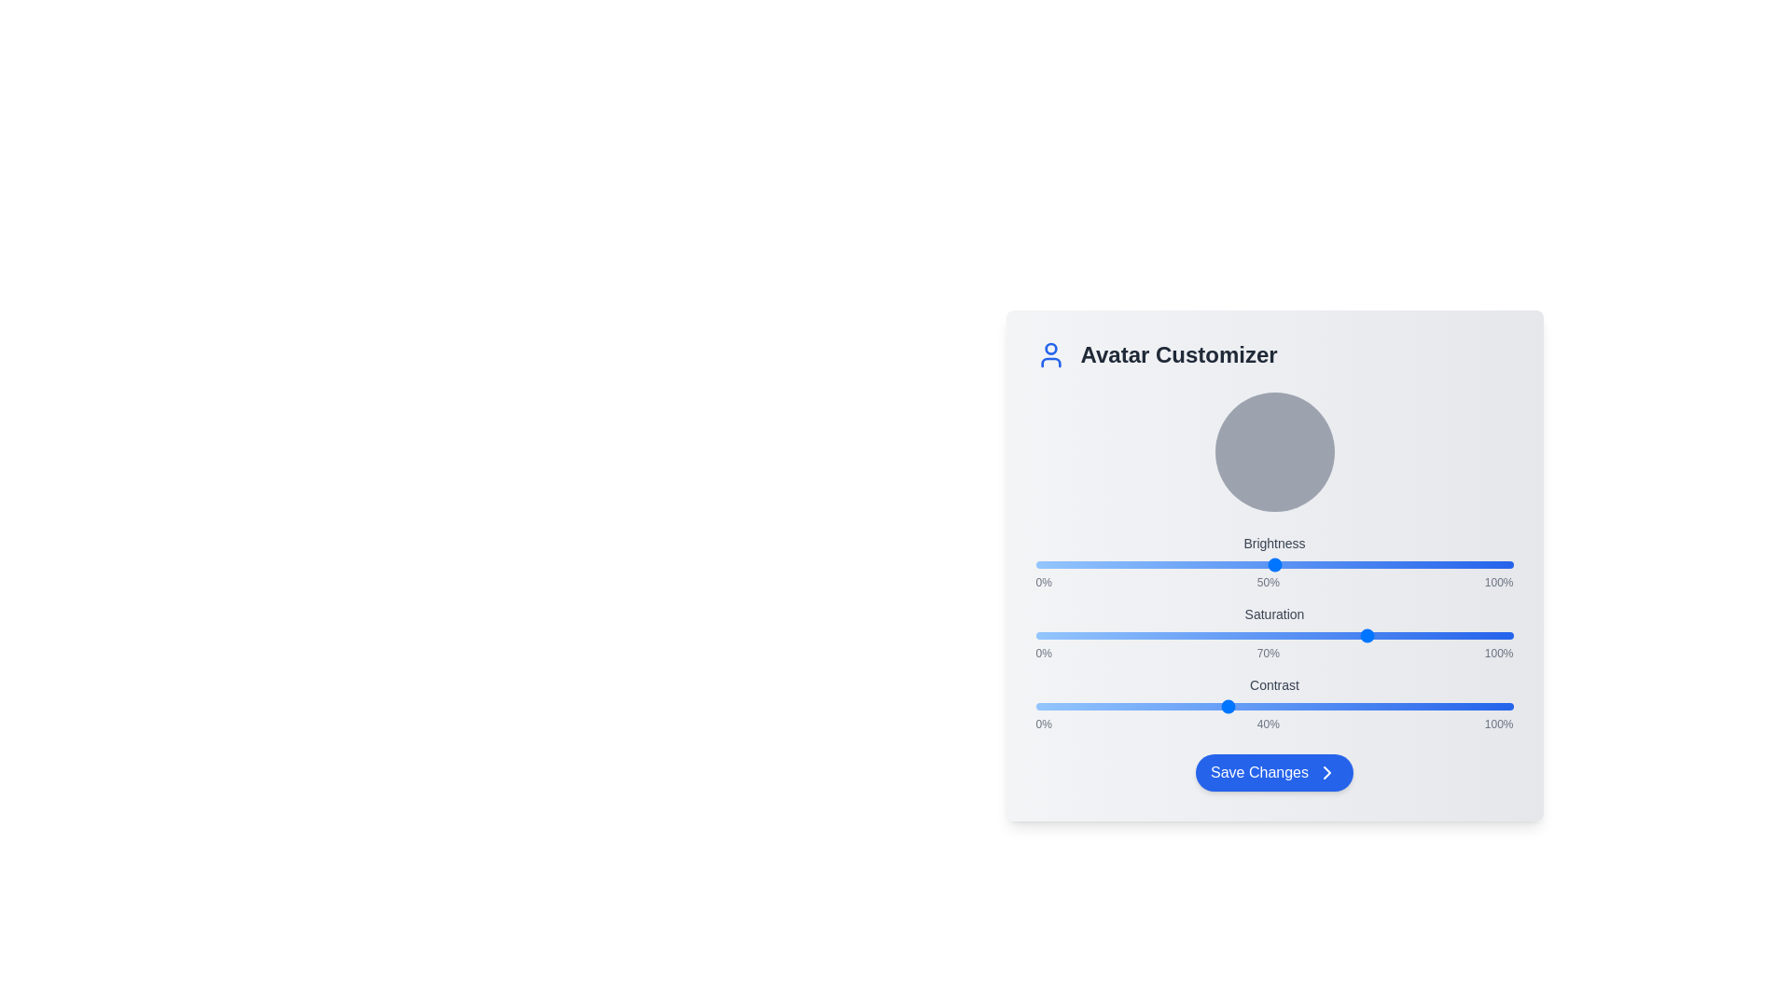 The height and width of the screenshot is (1007, 1791). What do you see at coordinates (1273, 452) in the screenshot?
I see `the Avatar preview area` at bounding box center [1273, 452].